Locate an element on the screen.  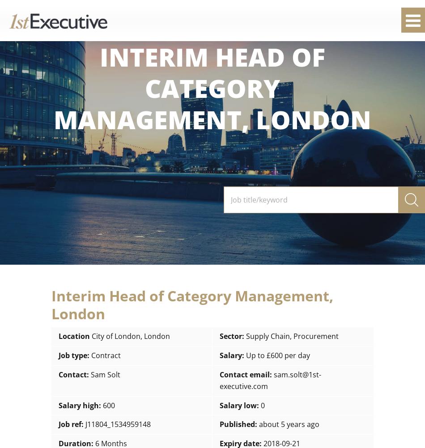
'Location' is located at coordinates (59, 336).